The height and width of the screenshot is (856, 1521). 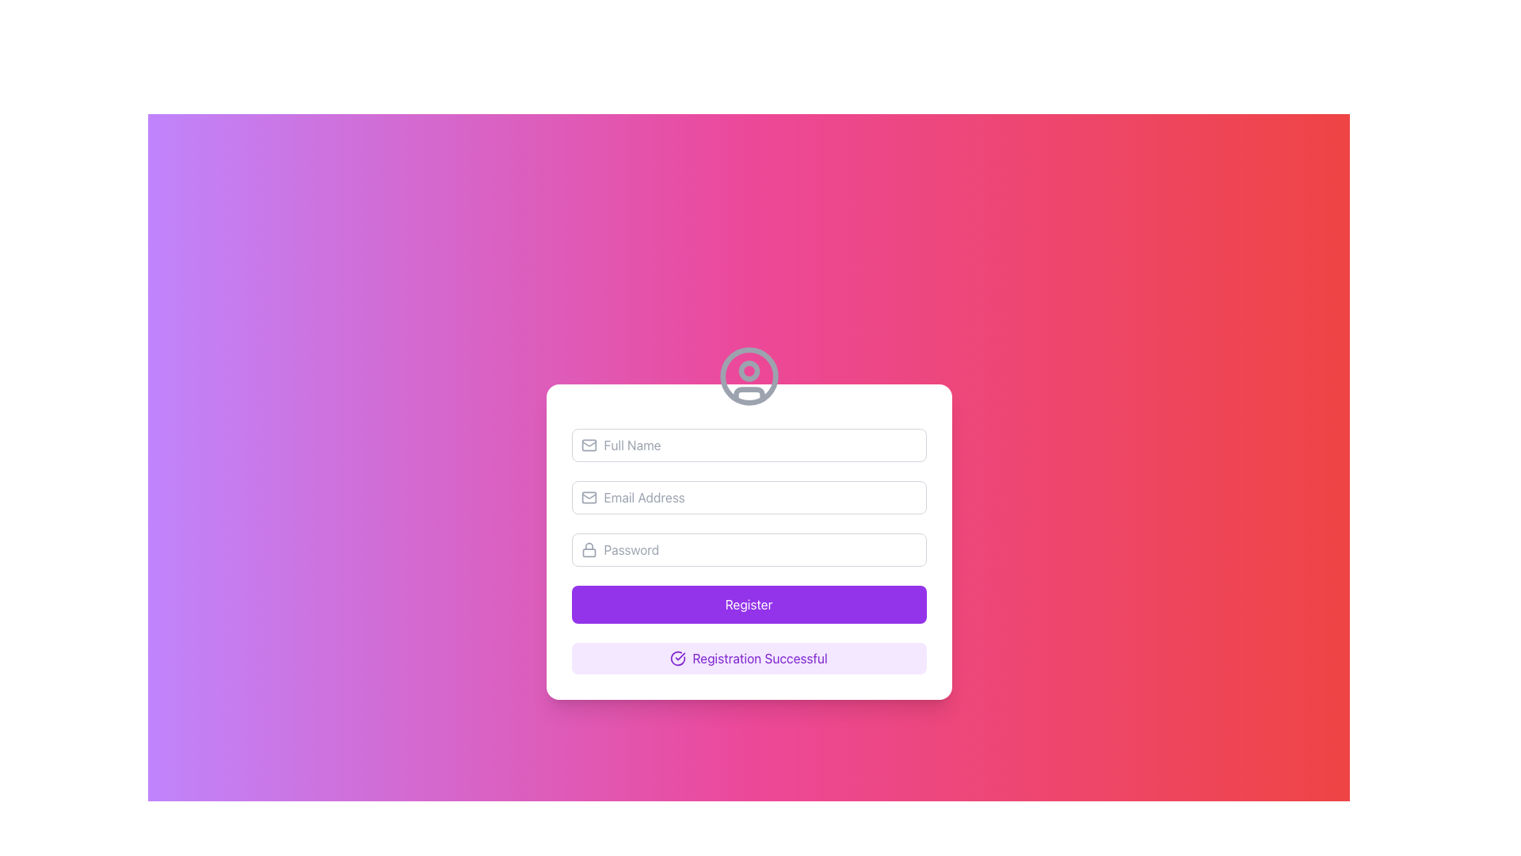 What do you see at coordinates (748, 497) in the screenshot?
I see `the email input field by clicking within it to enter the user's email address during registration` at bounding box center [748, 497].